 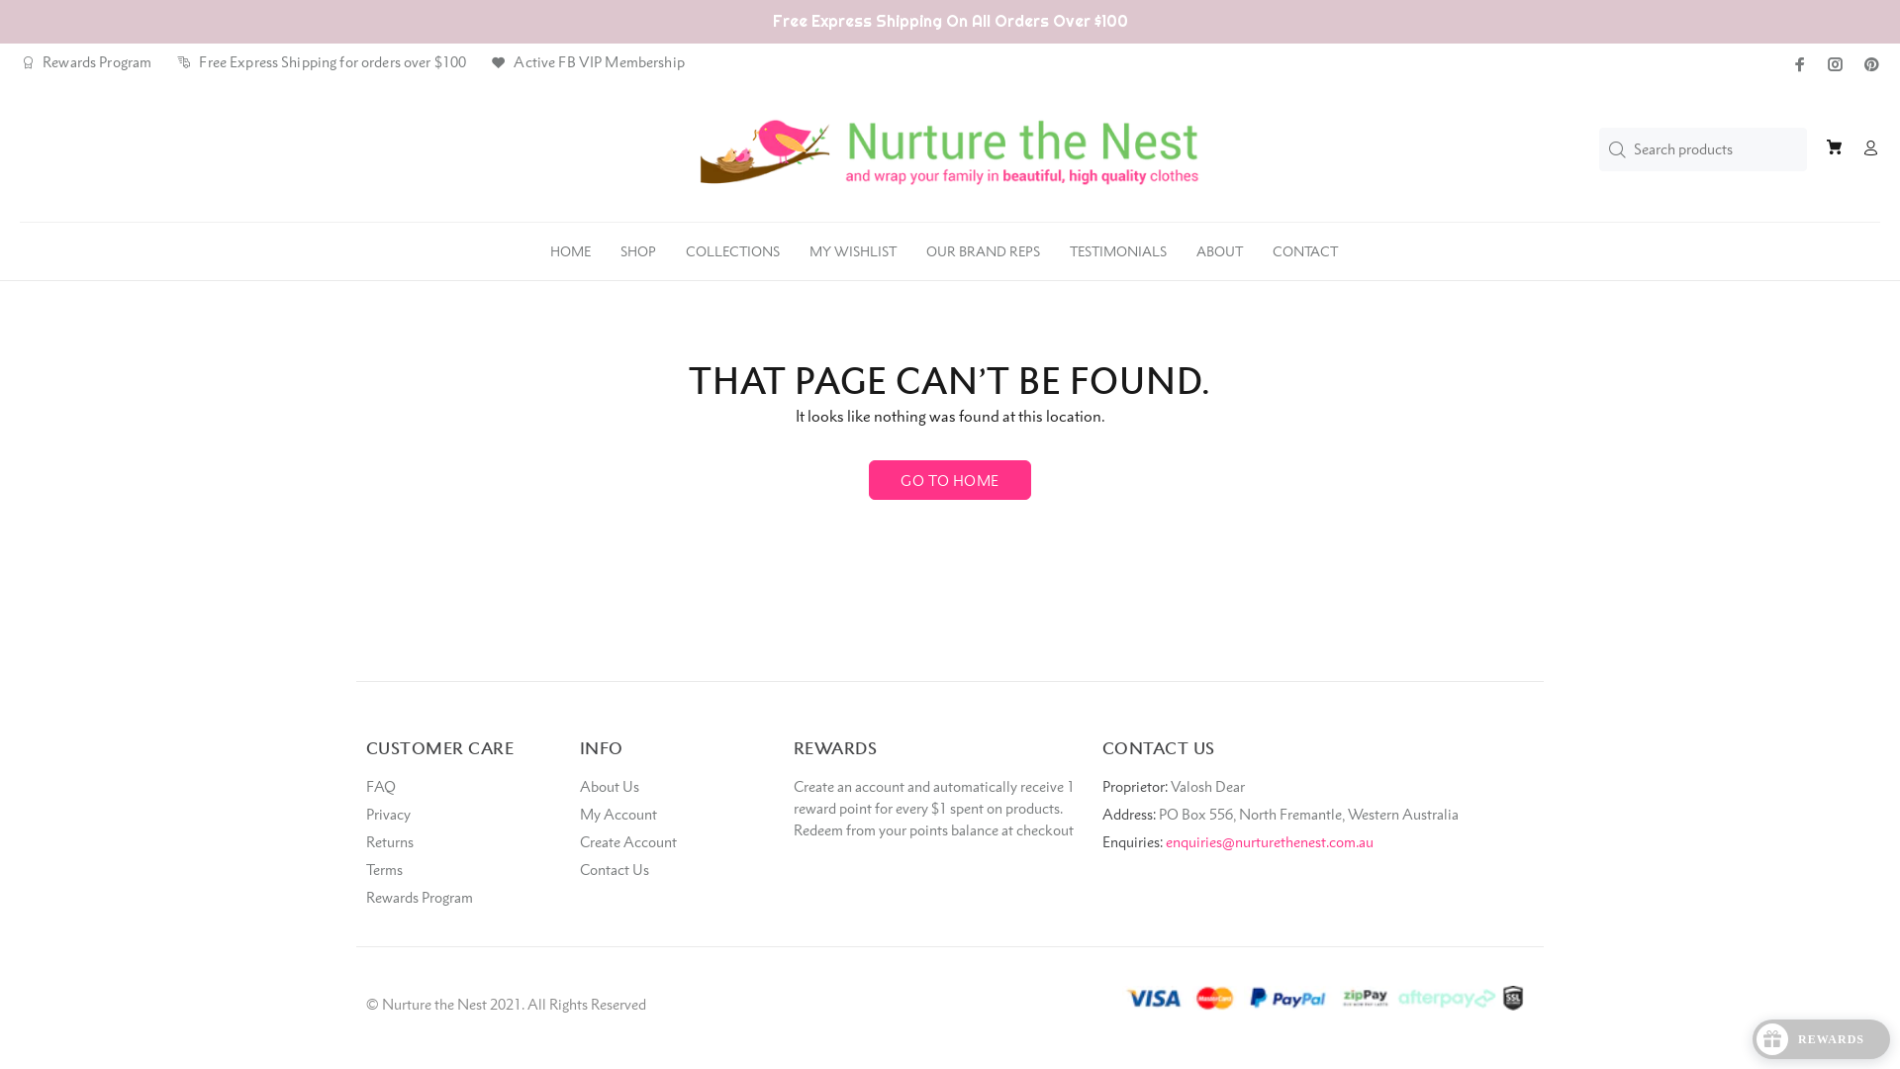 What do you see at coordinates (1117, 245) in the screenshot?
I see `'TESTIMONIALS'` at bounding box center [1117, 245].